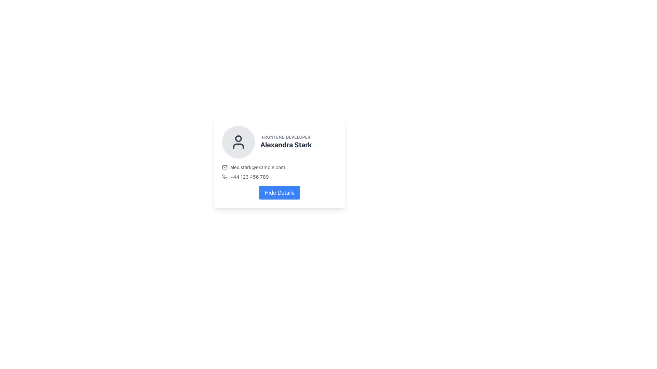 This screenshot has width=657, height=369. I want to click on the rectangular base of the user profile icon that represents the shoulders or chest area, styled with a gradient fill, so click(238, 146).